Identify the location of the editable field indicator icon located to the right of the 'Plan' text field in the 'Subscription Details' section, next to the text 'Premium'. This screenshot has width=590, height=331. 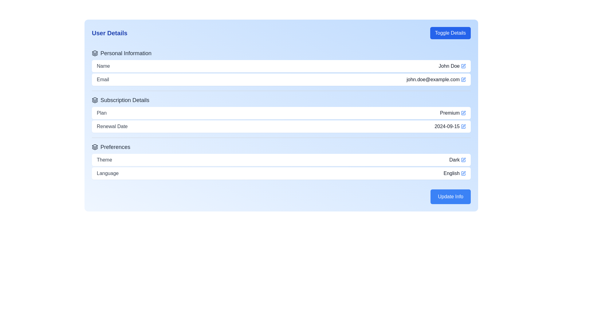
(463, 173).